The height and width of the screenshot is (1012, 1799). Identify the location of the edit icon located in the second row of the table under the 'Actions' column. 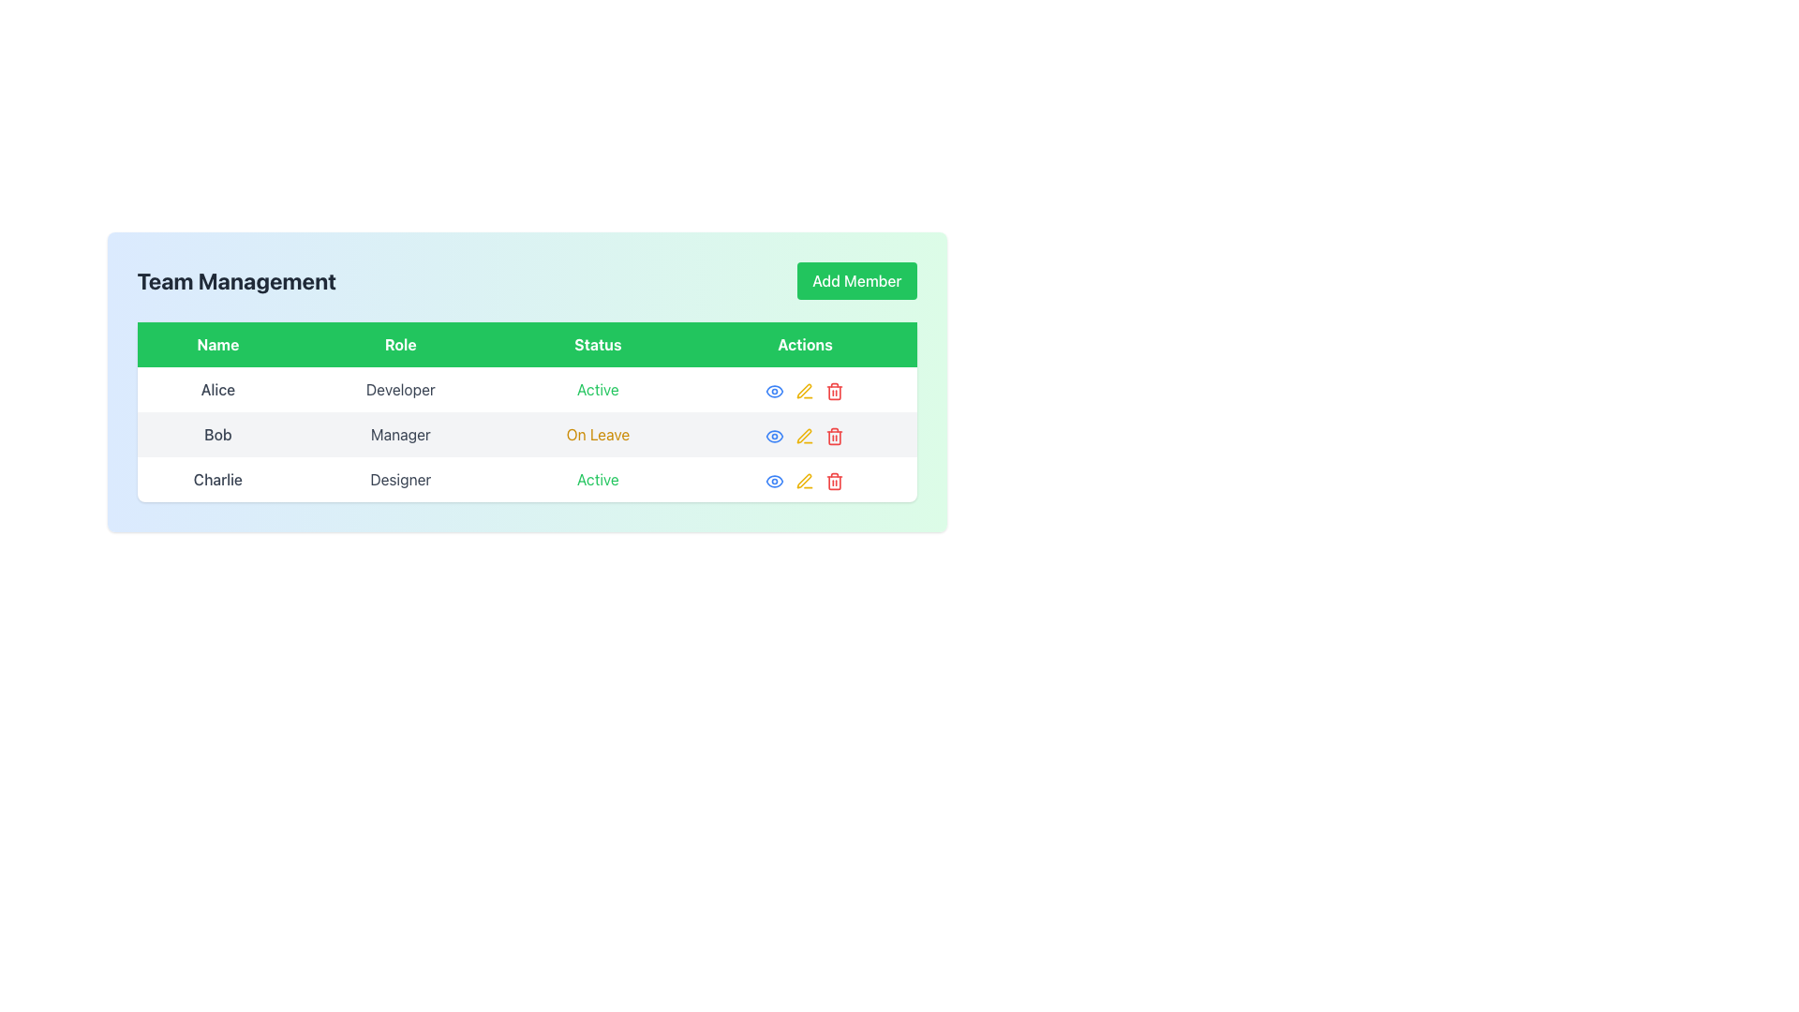
(805, 390).